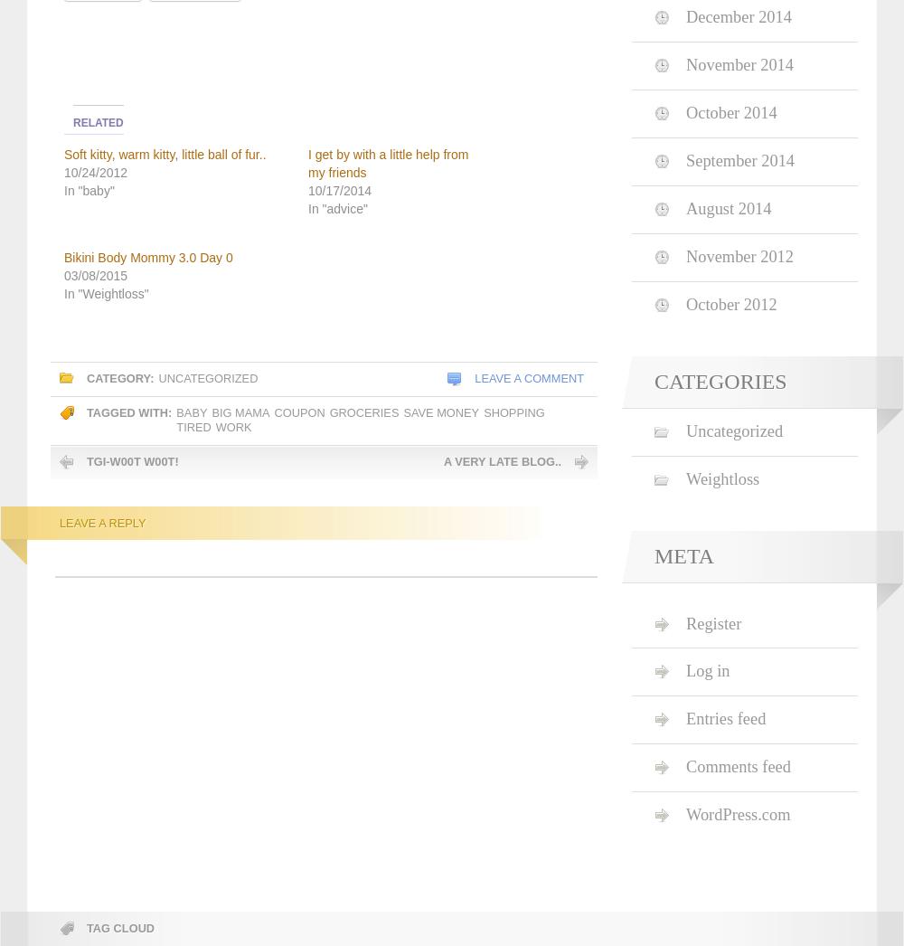  What do you see at coordinates (739, 256) in the screenshot?
I see `'November 2012'` at bounding box center [739, 256].